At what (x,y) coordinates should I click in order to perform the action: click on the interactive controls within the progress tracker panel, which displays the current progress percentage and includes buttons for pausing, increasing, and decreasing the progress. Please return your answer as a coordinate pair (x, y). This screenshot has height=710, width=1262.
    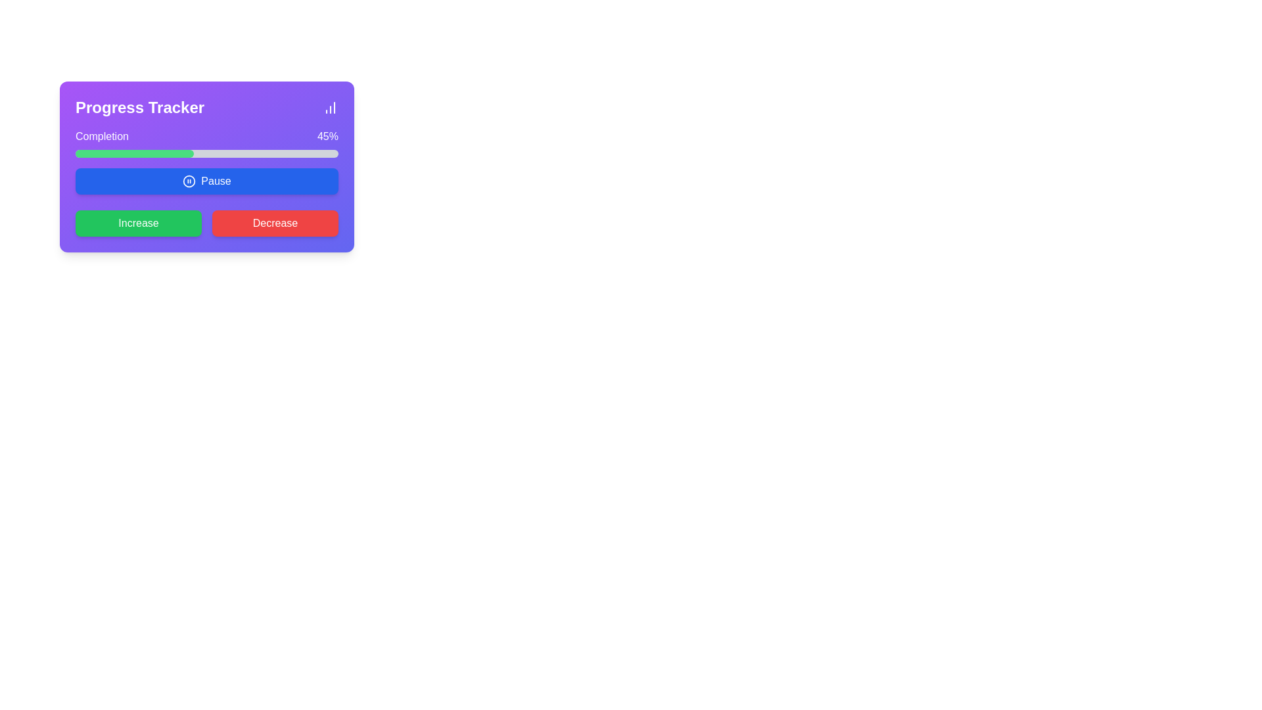
    Looking at the image, I should click on (206, 166).